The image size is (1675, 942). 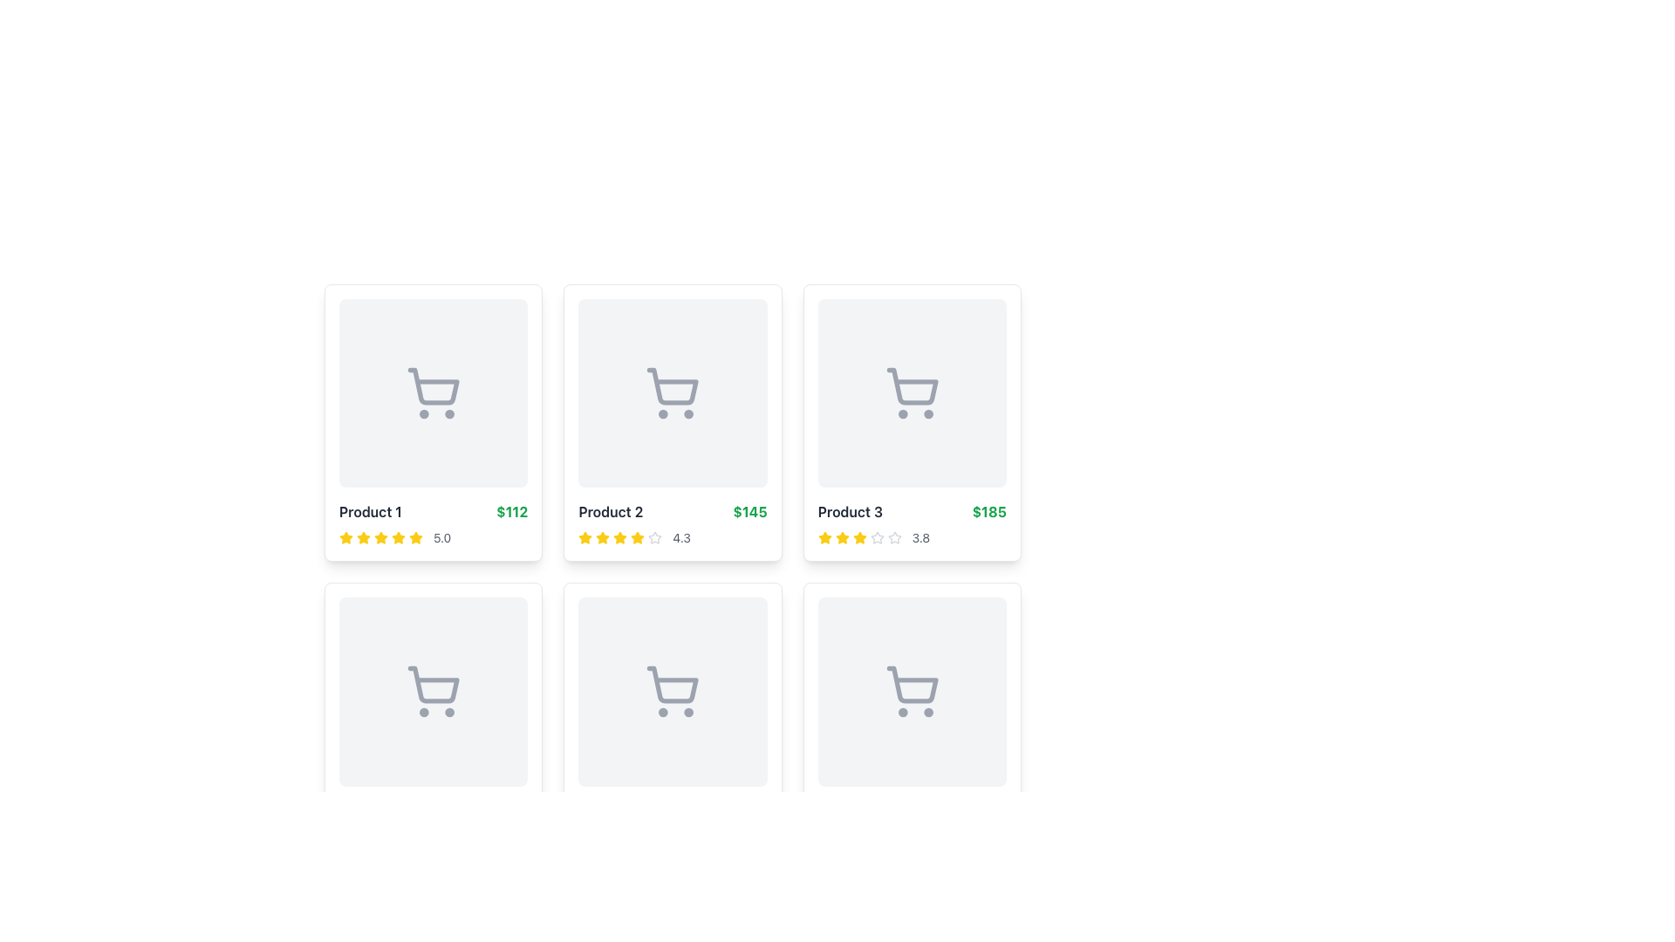 I want to click on the fourth star-shaped icon in the product card's rating system, which is filled with yellow color and located next to the rating number (5.0), so click(x=379, y=537).